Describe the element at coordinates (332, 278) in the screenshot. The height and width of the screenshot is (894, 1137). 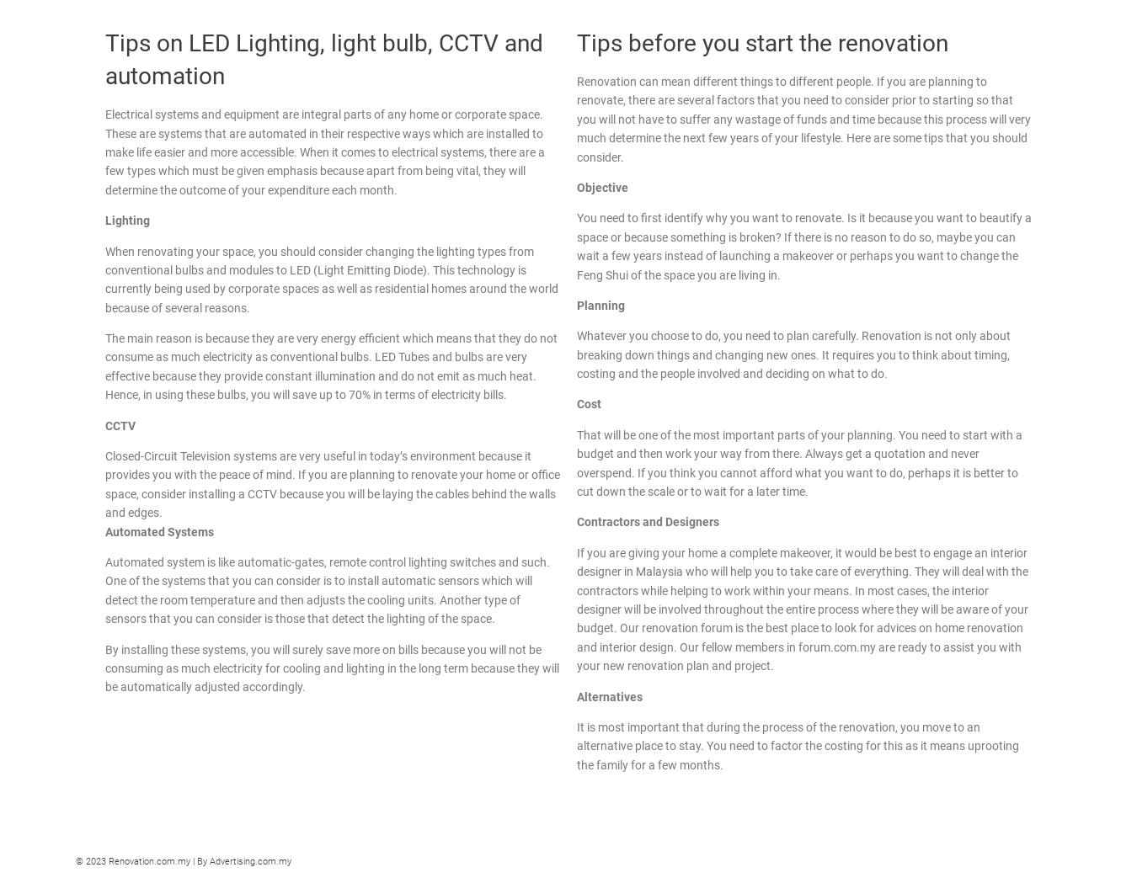
I see `'When renovating your space, you should consider changing the lighting types from conventional bulbs and modules to LED (Light Emitting Diode). This technology is currently being used by corporate spaces as well as residential homes around the world because of several reasons.'` at that location.